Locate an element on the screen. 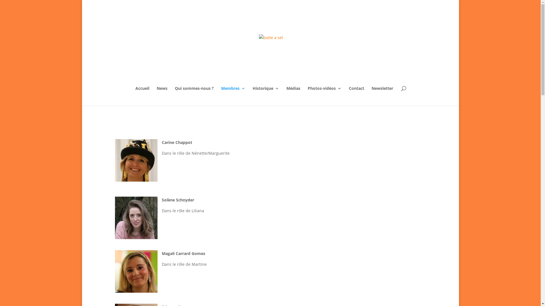 The image size is (545, 306). 'Newsletter' is located at coordinates (382, 96).